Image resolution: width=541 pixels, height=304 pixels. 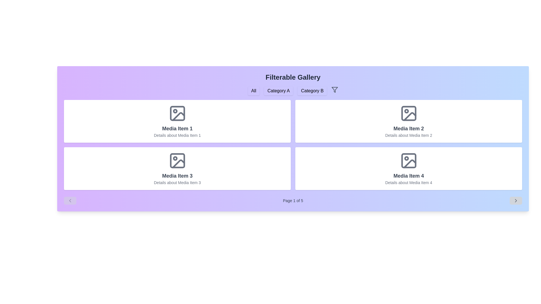 What do you see at coordinates (409, 128) in the screenshot?
I see `the Text label that identifies the content of the second media card in the upper row of the grid layout` at bounding box center [409, 128].